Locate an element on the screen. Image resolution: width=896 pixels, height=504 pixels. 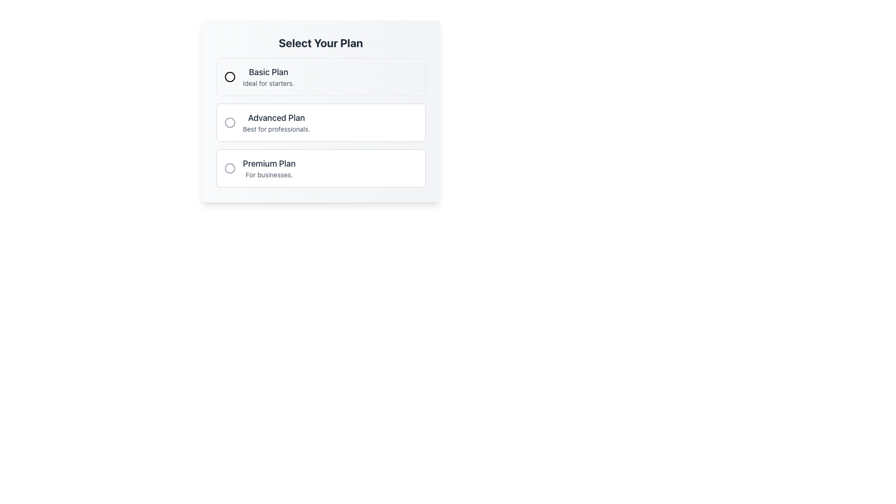
the static text label that reads 'Basic Plan' and 'Ideal for starters.' located to the right of the circular radio button in the 'Select Your Plan' section is located at coordinates (268, 77).